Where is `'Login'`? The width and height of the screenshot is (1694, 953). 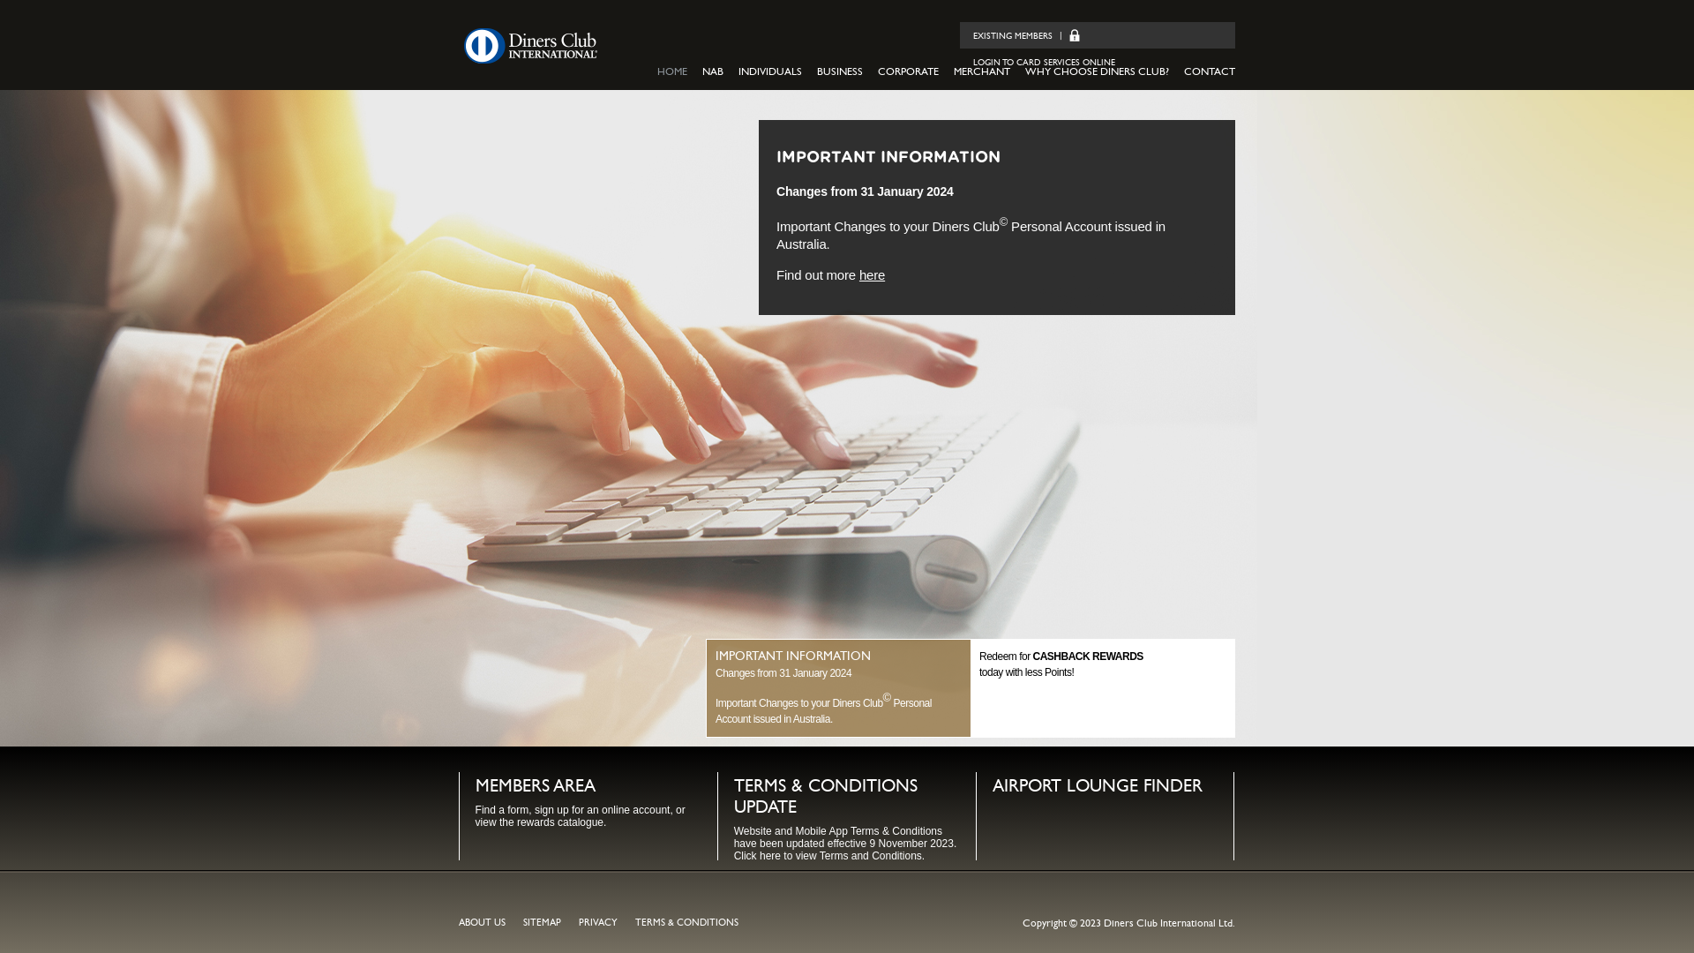
'Login' is located at coordinates (1061, 34).